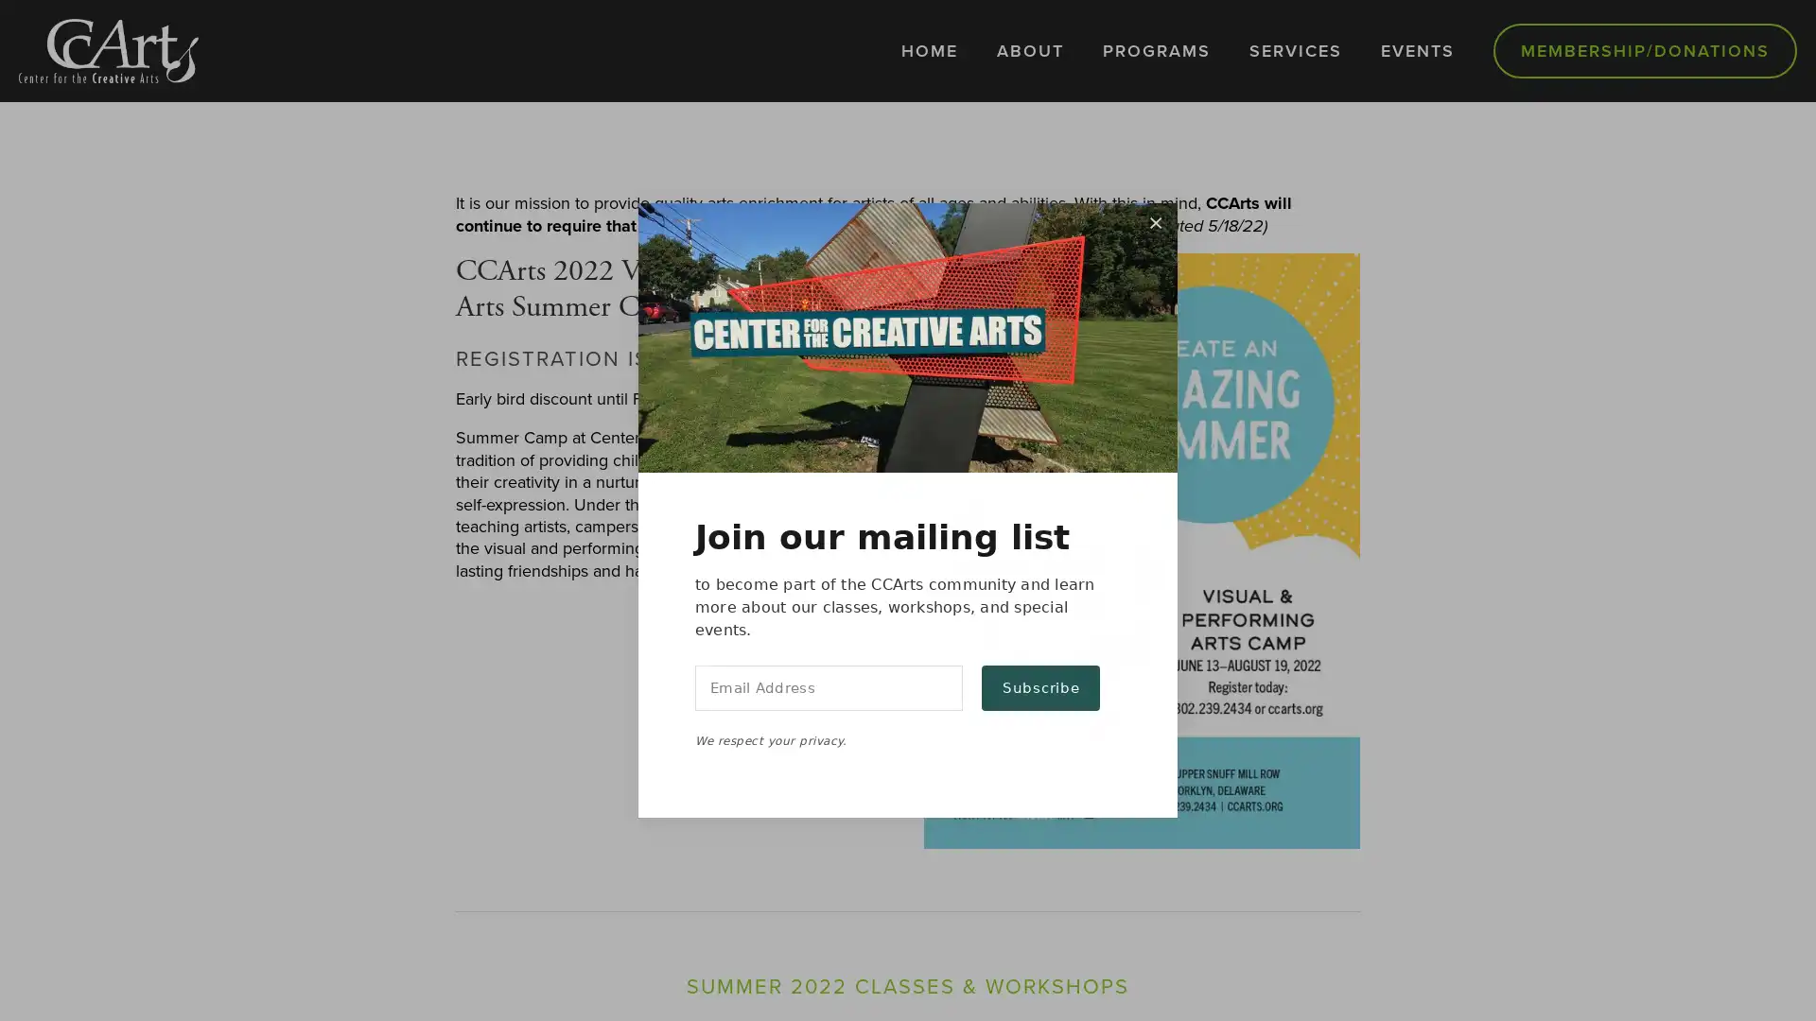  I want to click on Close, so click(1154, 221).